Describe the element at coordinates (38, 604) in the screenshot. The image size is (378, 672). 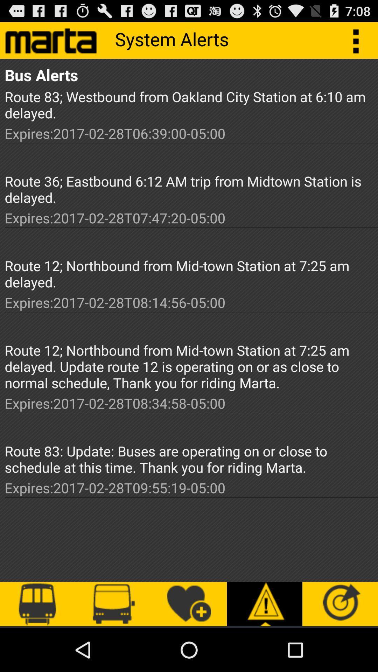
I see `the first icon from bottom` at that location.